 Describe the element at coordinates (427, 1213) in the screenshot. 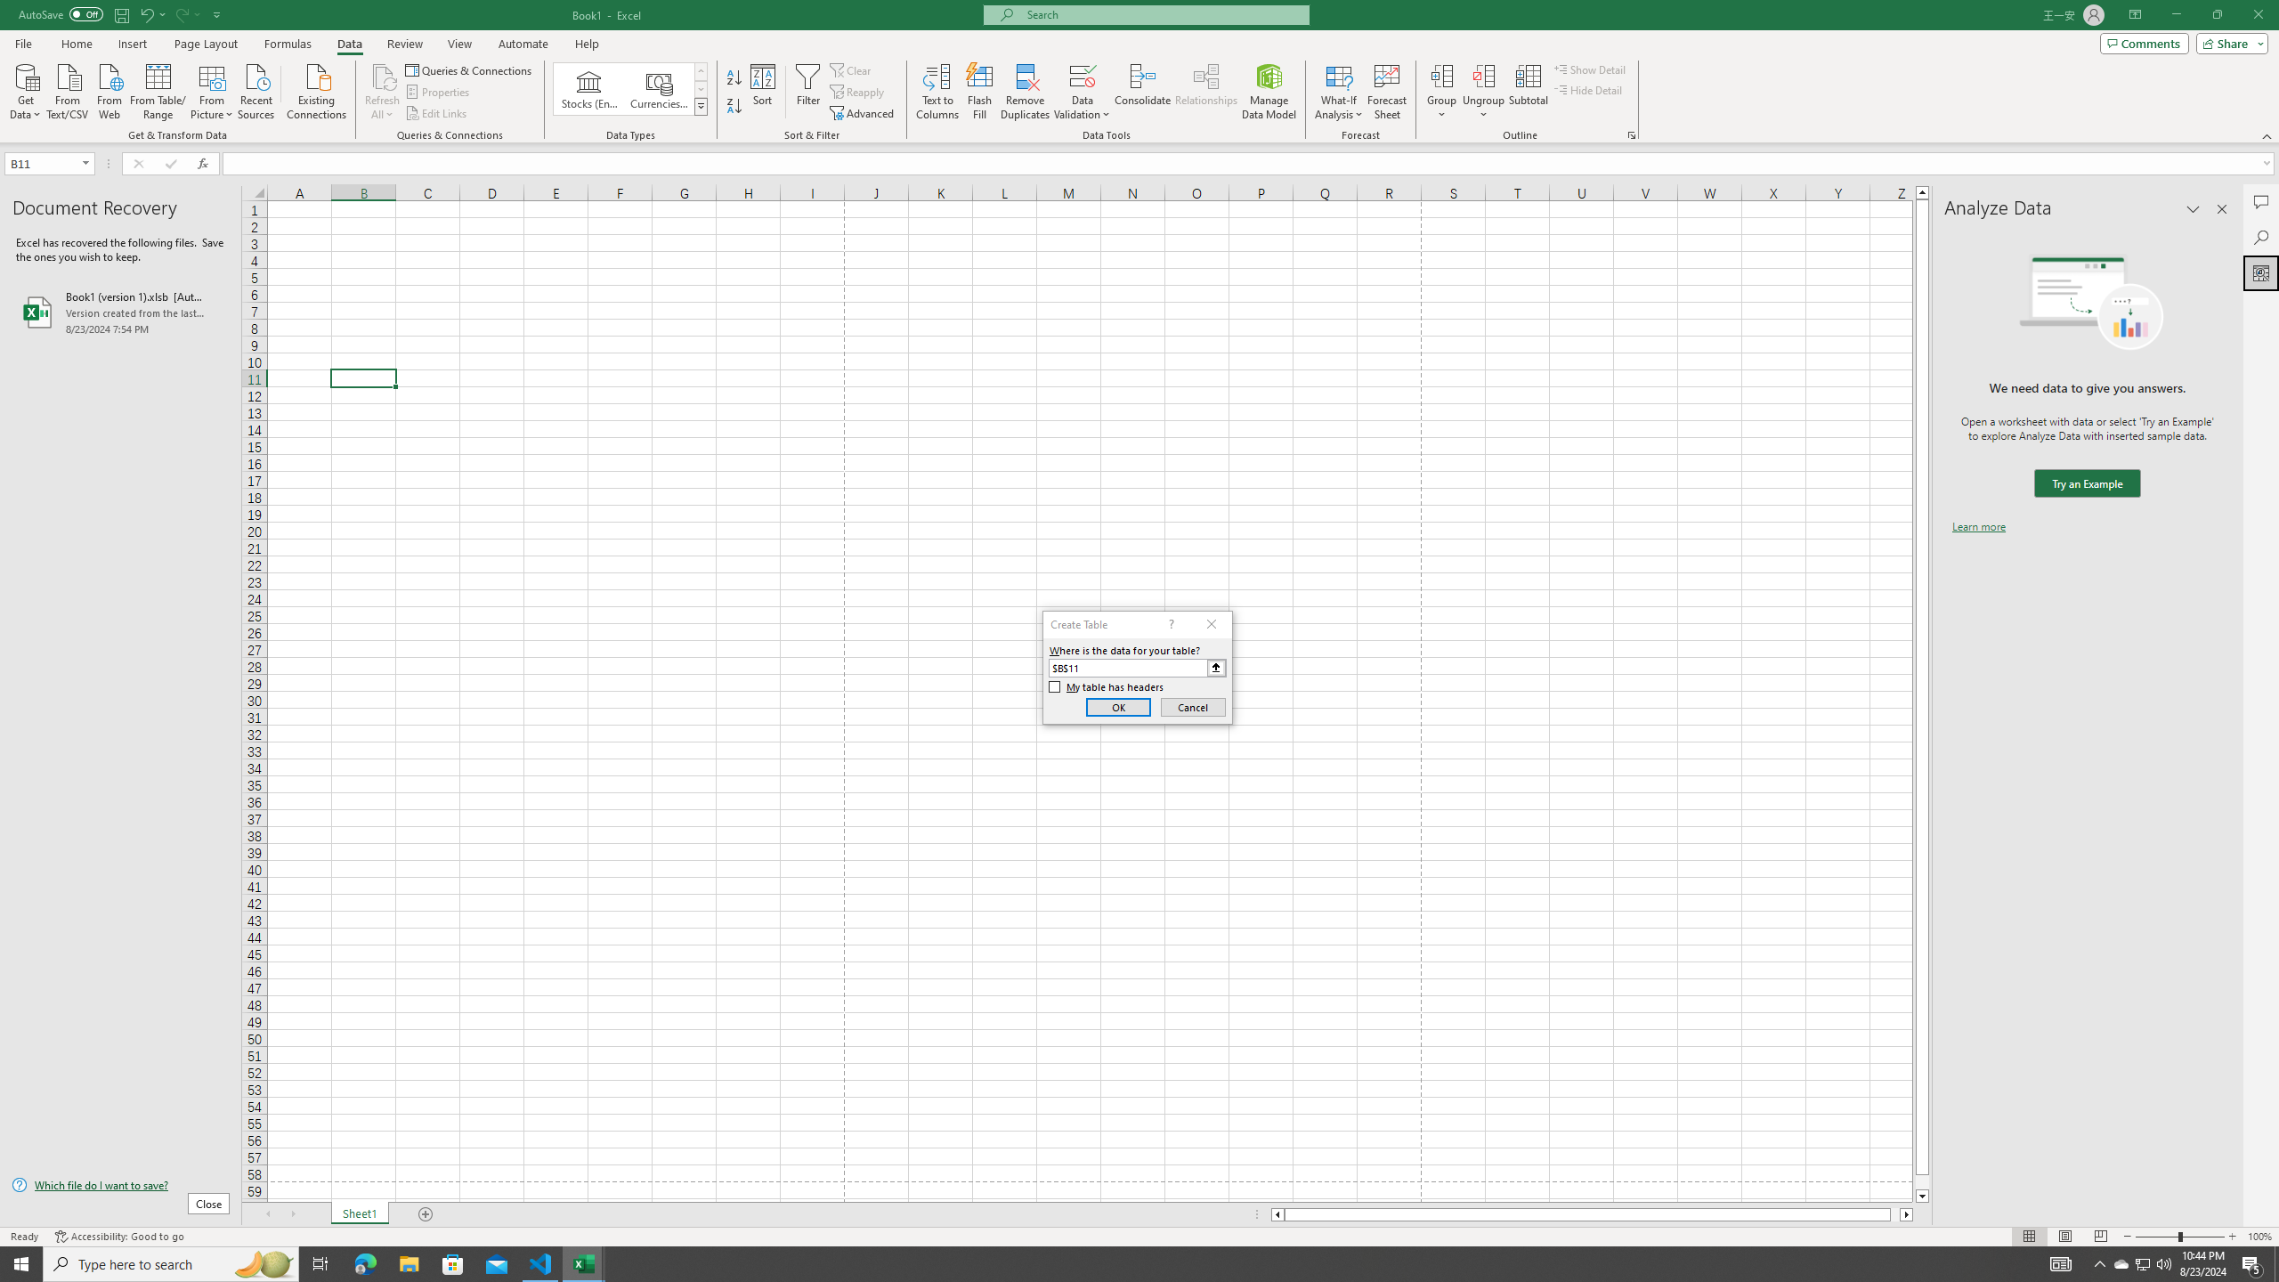

I see `'Add Sheet'` at that location.